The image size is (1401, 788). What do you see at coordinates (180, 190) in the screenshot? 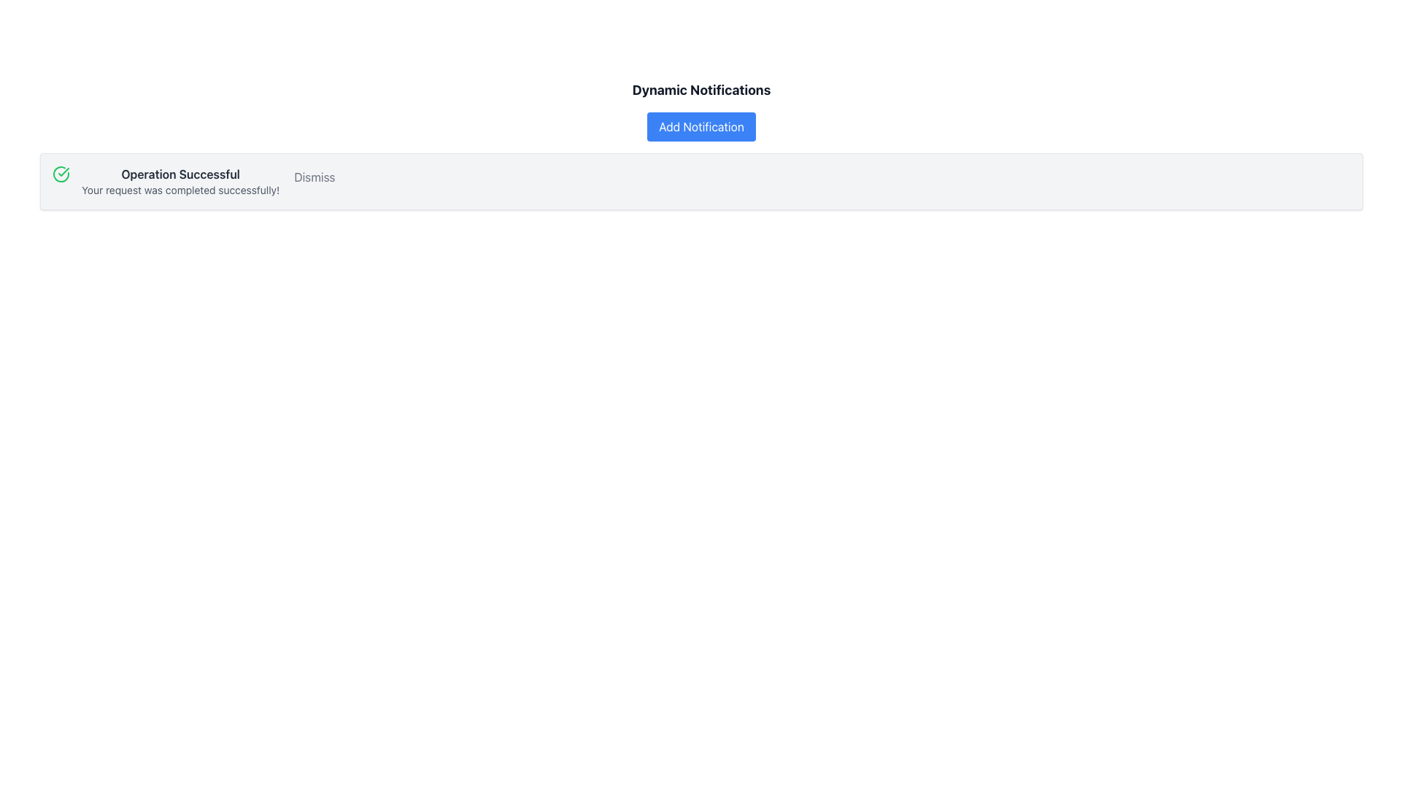
I see `the text label displaying 'Your request was completed successfully!' located beneath the heading 'Operation Successful' in the notification banner` at bounding box center [180, 190].